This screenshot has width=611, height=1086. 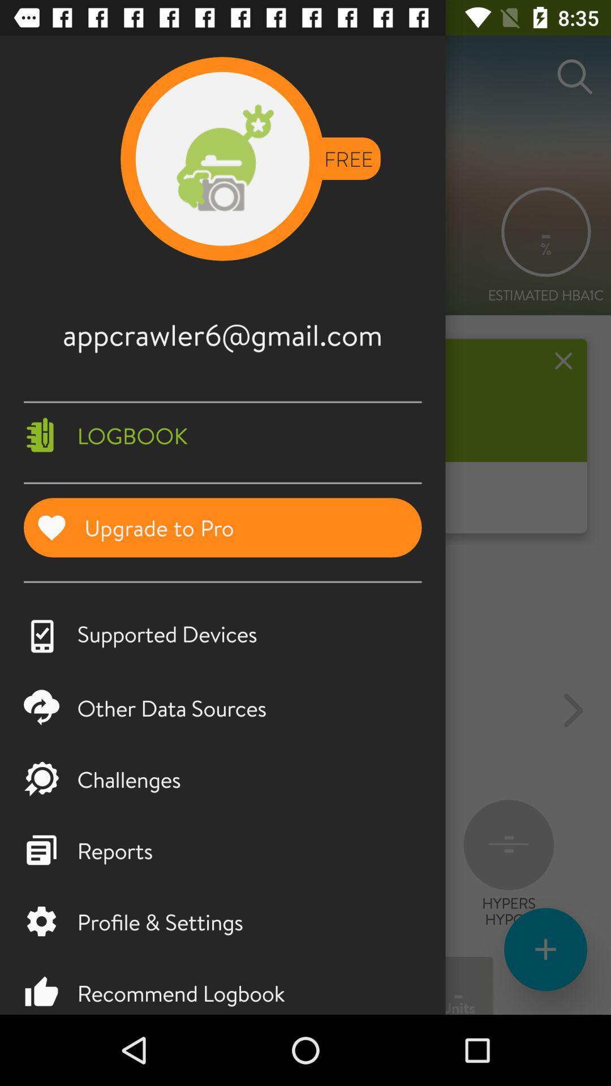 What do you see at coordinates (545, 949) in the screenshot?
I see `the add icon` at bounding box center [545, 949].